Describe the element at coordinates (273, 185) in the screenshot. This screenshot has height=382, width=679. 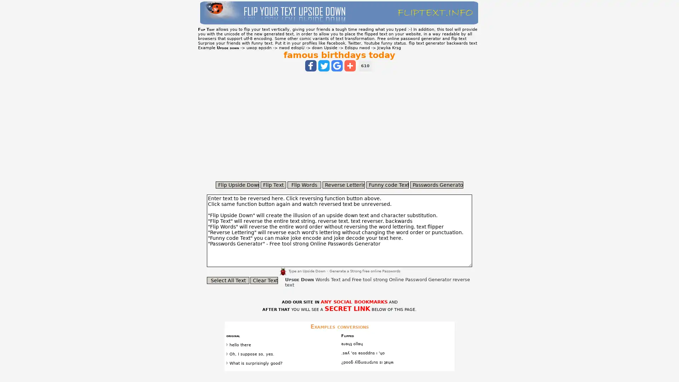
I see `Flip Text` at that location.